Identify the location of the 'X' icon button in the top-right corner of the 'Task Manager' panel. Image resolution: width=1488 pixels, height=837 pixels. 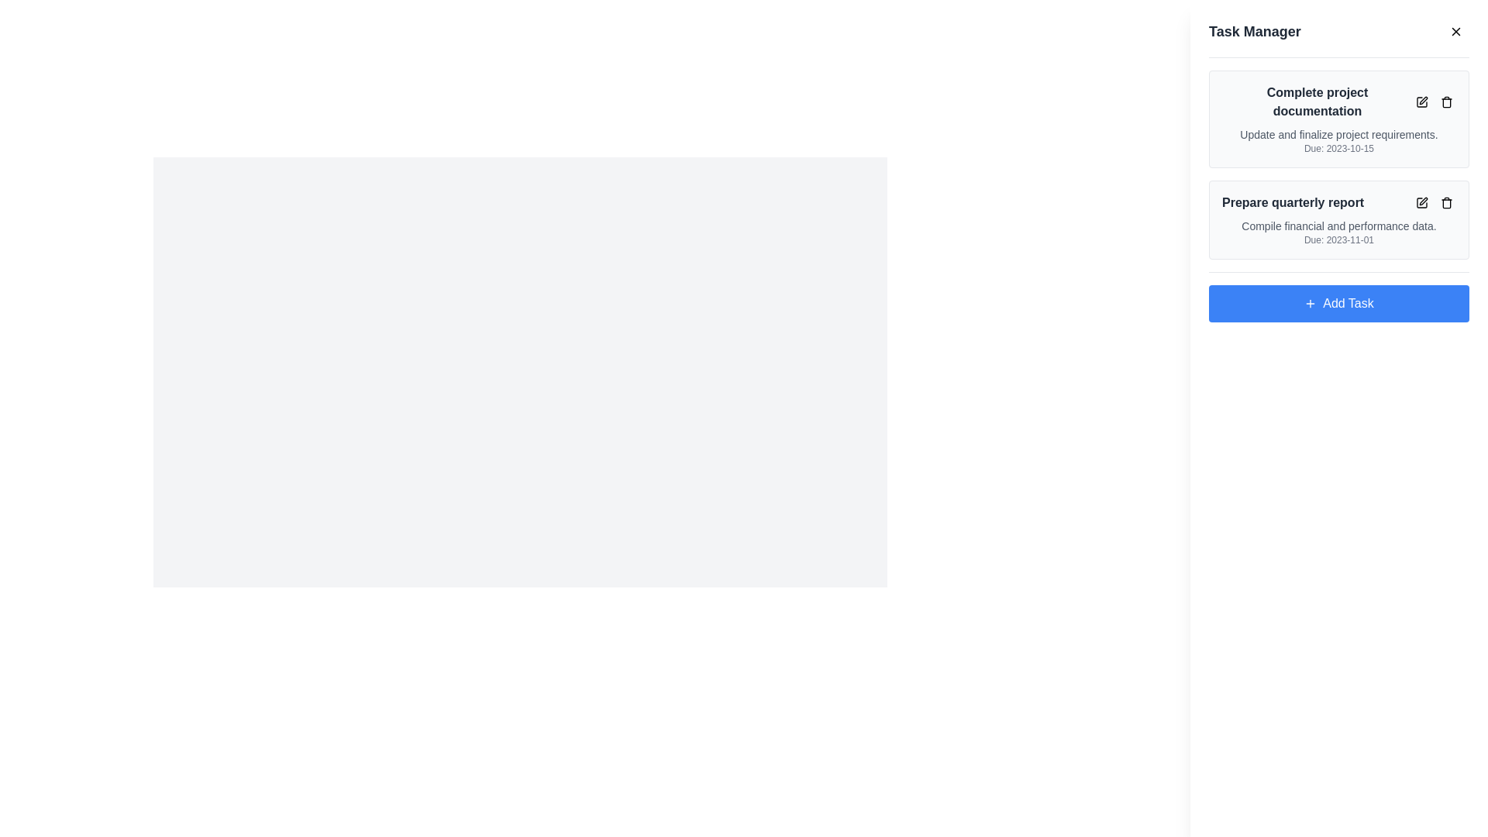
(1455, 32).